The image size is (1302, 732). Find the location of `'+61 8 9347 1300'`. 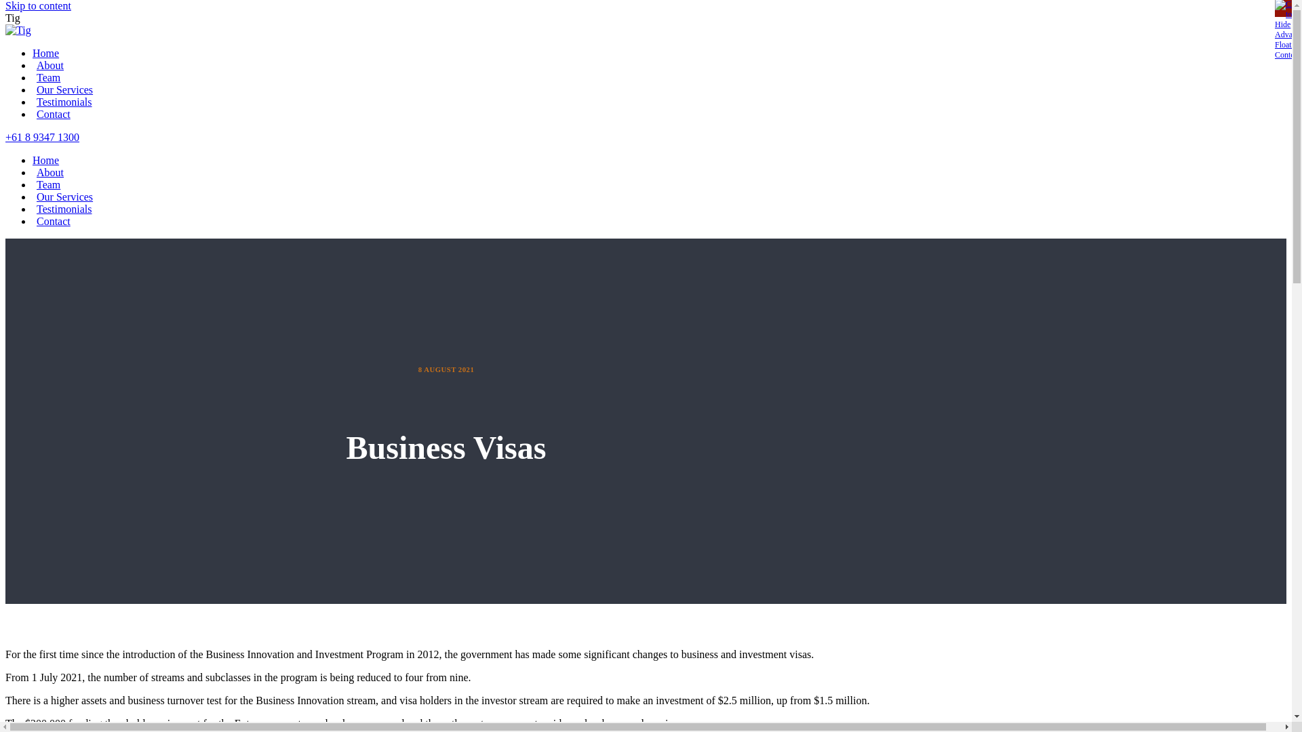

'+61 8 9347 1300' is located at coordinates (42, 137).